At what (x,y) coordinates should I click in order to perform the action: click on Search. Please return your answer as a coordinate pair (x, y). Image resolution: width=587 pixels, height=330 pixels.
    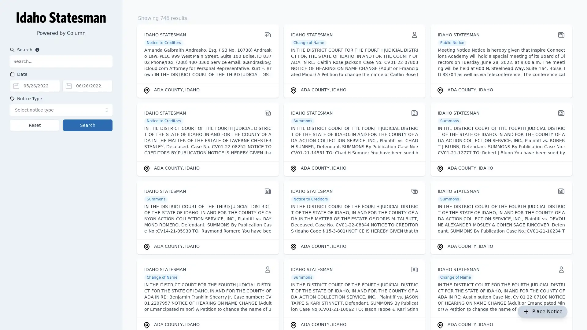
    Looking at the image, I should click on (87, 125).